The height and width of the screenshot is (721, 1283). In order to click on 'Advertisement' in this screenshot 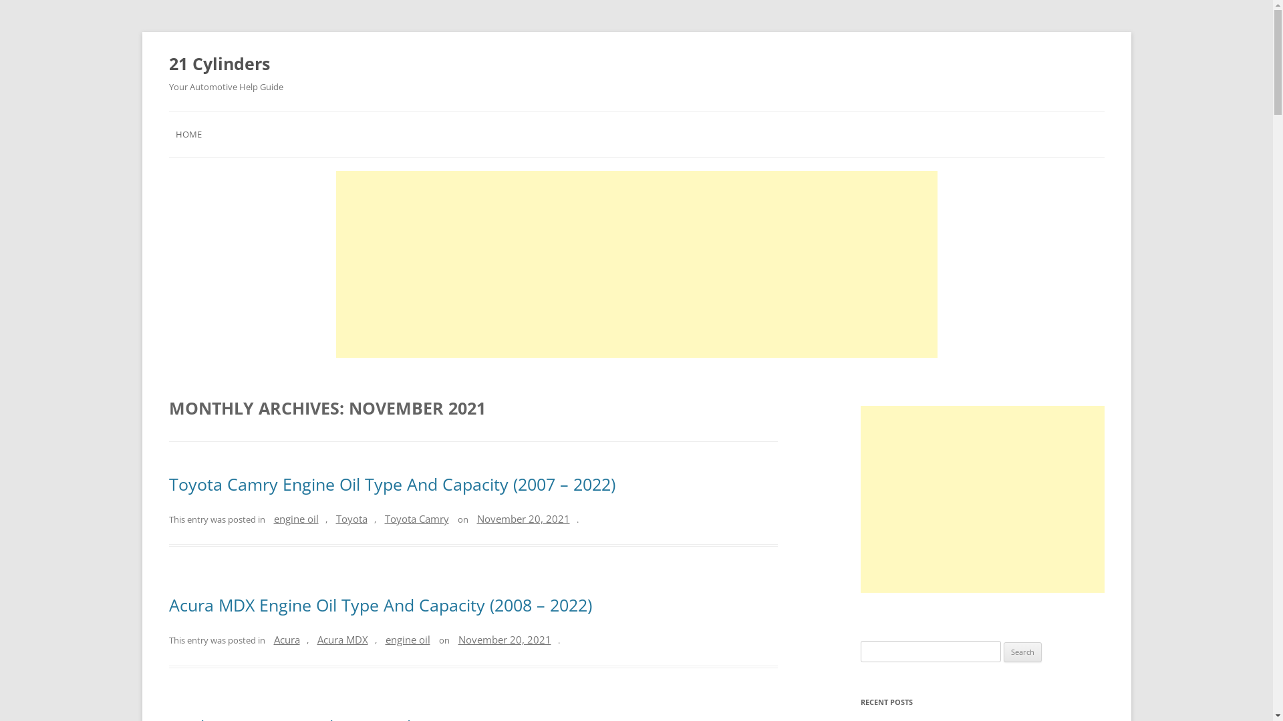, I will do `click(982, 499)`.